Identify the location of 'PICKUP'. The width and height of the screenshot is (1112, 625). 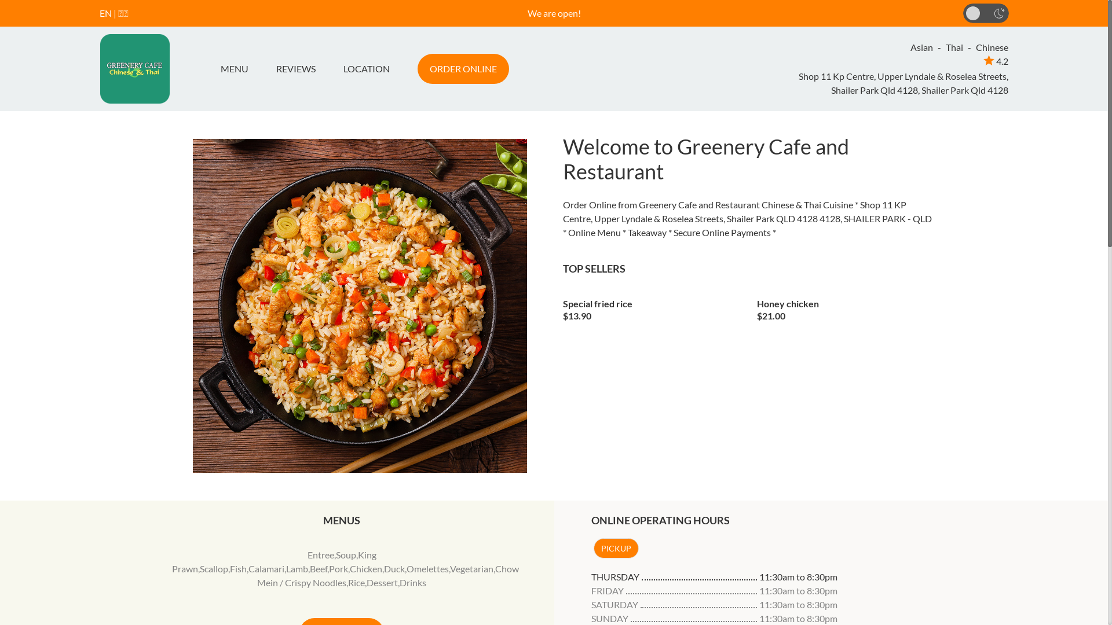
(614, 547).